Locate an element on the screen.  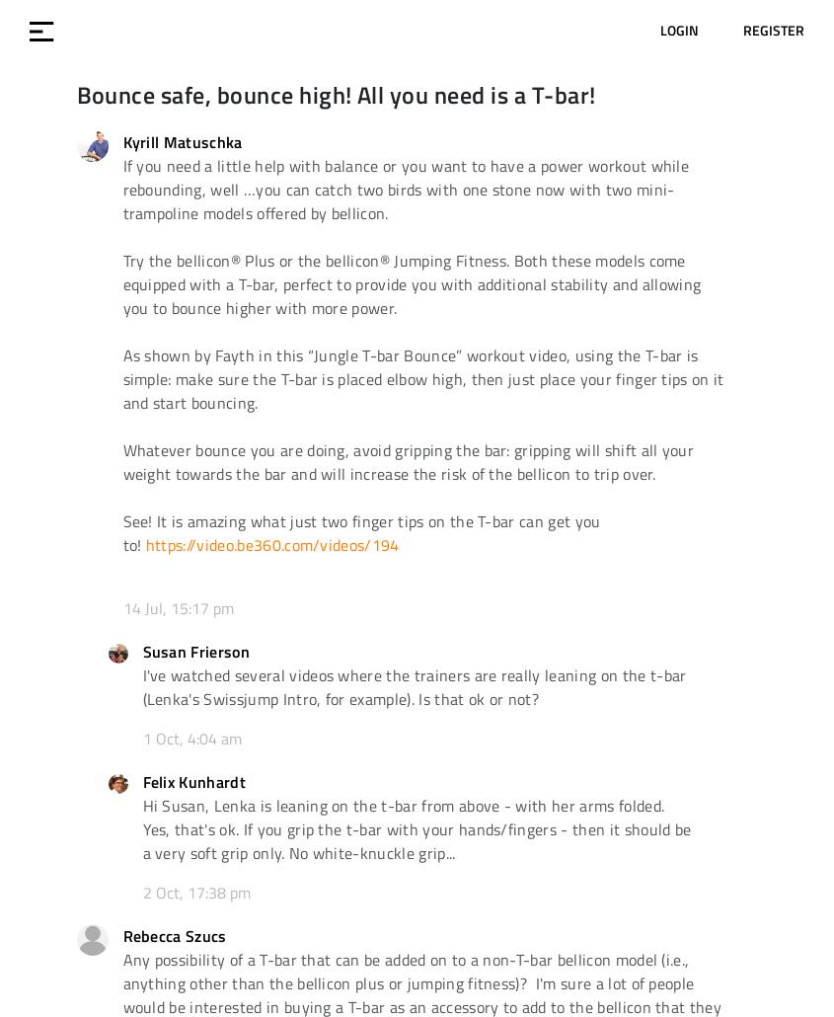
'Bounce safe, bounce high! All you need is a T-bar!' is located at coordinates (74, 93).